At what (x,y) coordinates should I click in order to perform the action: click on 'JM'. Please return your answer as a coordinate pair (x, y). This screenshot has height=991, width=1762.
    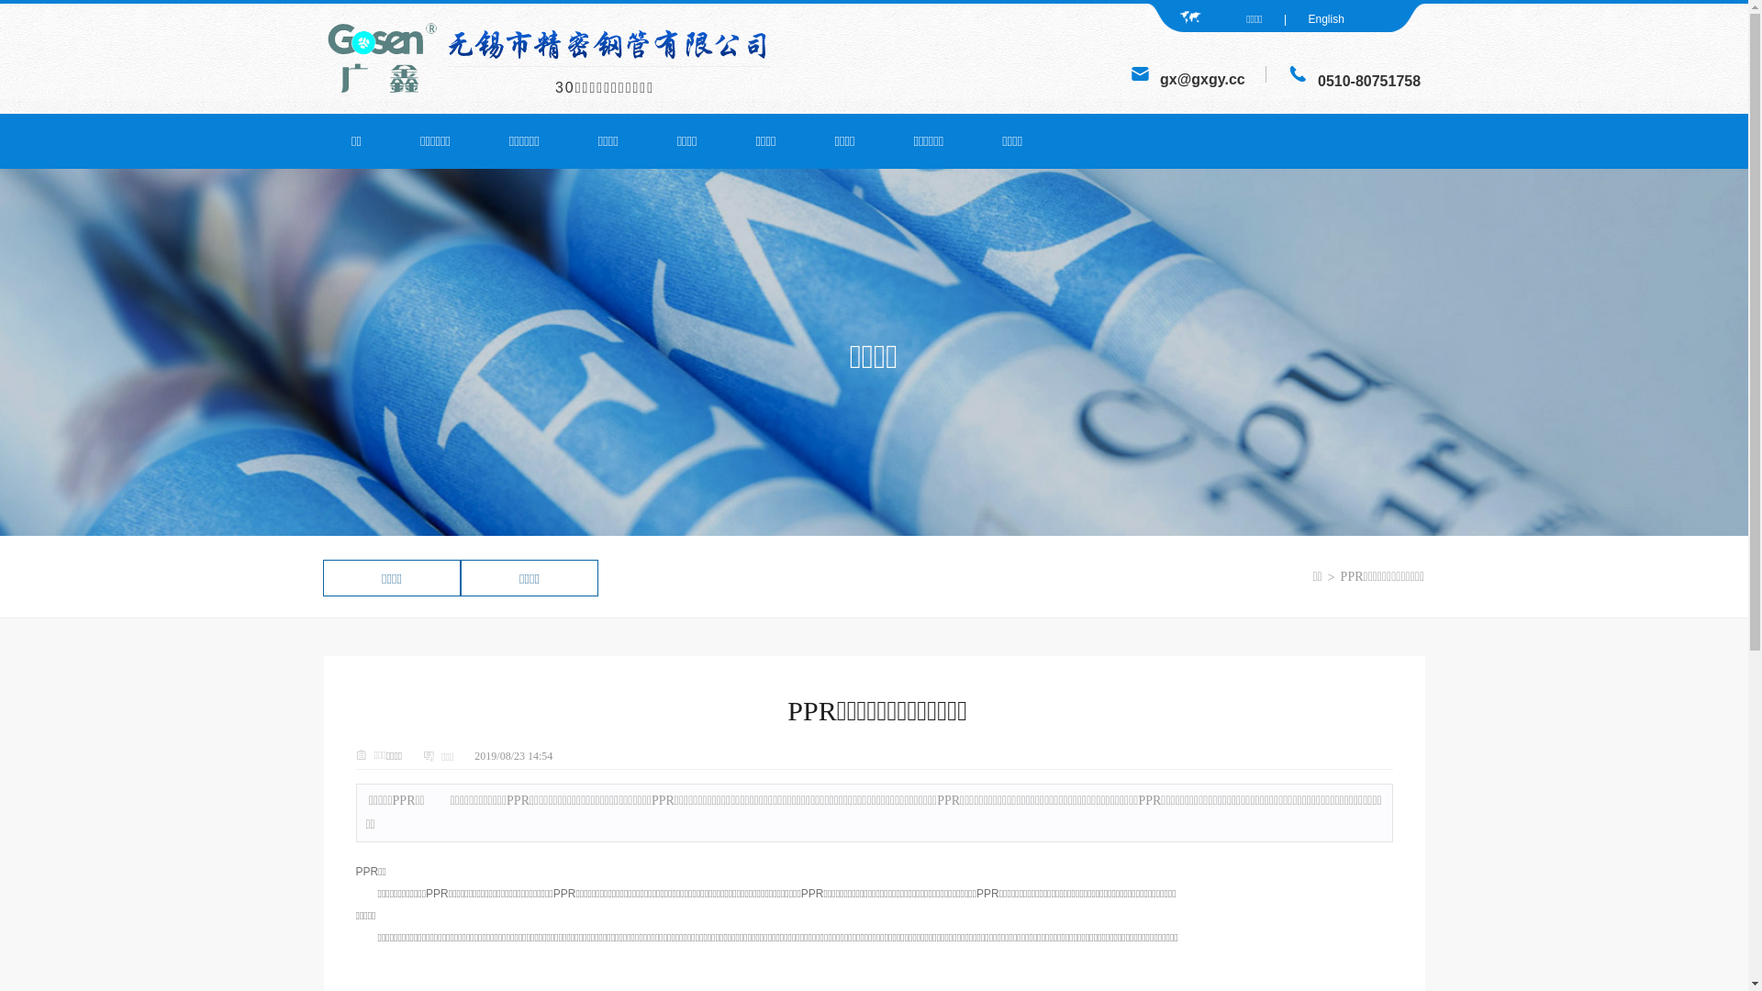
    Looking at the image, I should click on (1139, 72).